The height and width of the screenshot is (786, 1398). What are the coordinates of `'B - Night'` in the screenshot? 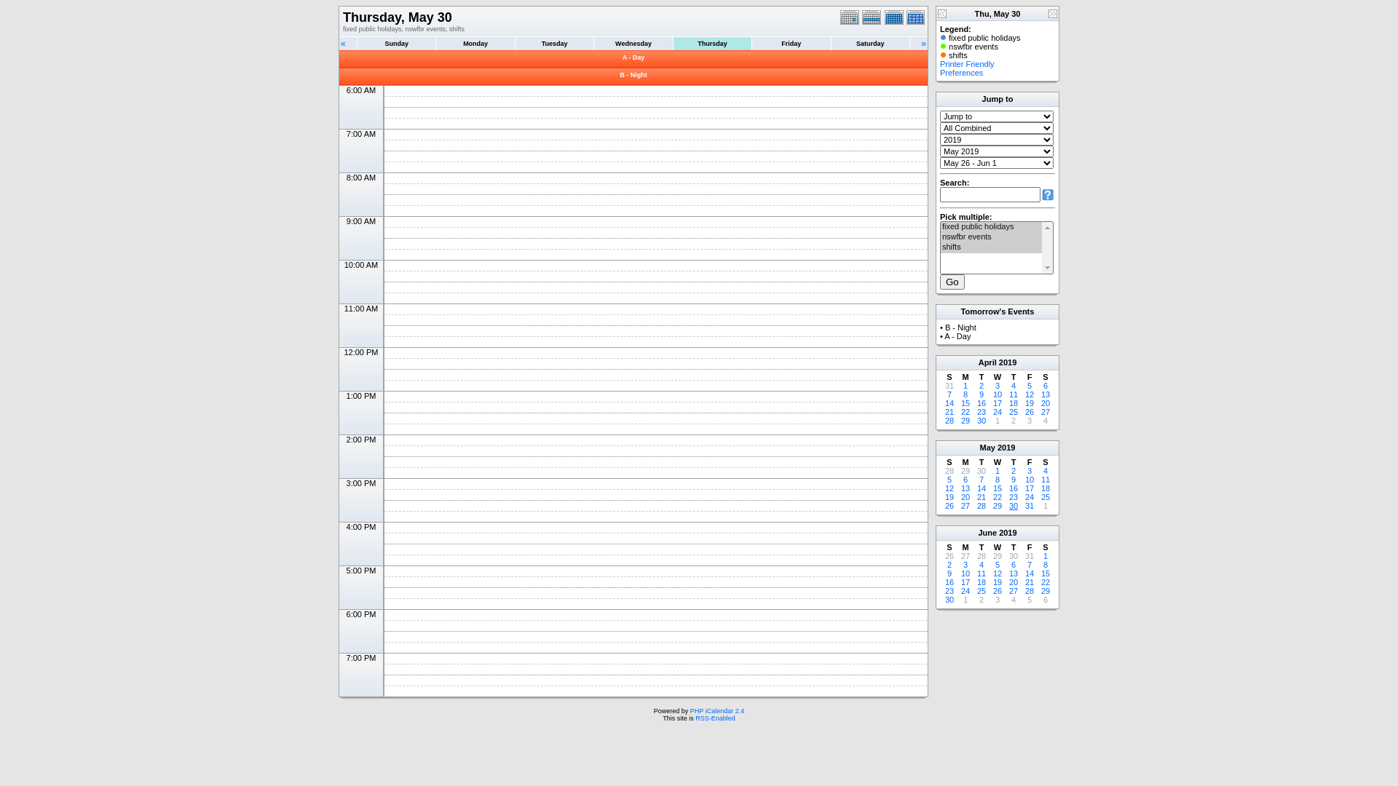 It's located at (619, 75).